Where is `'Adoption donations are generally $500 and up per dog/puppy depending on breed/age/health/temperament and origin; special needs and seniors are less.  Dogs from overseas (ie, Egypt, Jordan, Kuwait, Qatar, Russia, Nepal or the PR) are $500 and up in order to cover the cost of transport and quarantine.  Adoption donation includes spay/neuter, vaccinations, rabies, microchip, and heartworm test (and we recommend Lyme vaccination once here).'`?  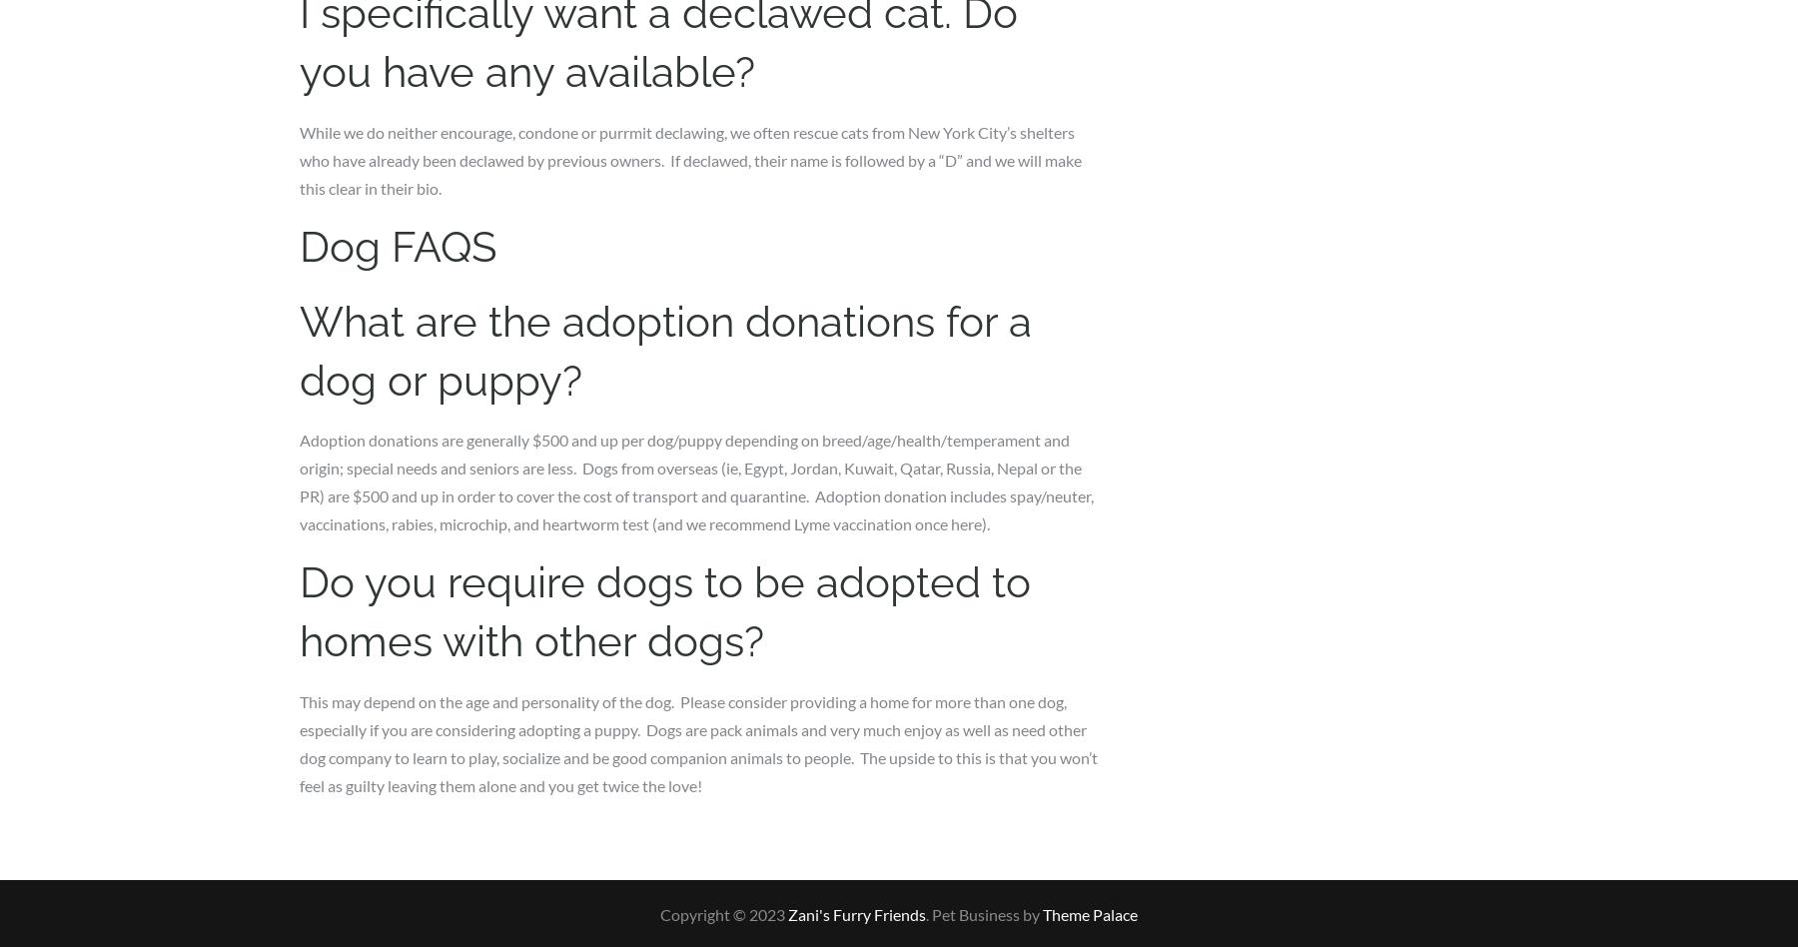
'Adoption donations are generally $500 and up per dog/puppy depending on breed/age/health/temperament and origin; special needs and seniors are less.  Dogs from overseas (ie, Egypt, Jordan, Kuwait, Qatar, Russia, Nepal or the PR) are $500 and up in order to cover the cost of transport and quarantine.  Adoption donation includes spay/neuter, vaccinations, rabies, microchip, and heartworm test (and we recommend Lyme vaccination once here).' is located at coordinates (695, 481).